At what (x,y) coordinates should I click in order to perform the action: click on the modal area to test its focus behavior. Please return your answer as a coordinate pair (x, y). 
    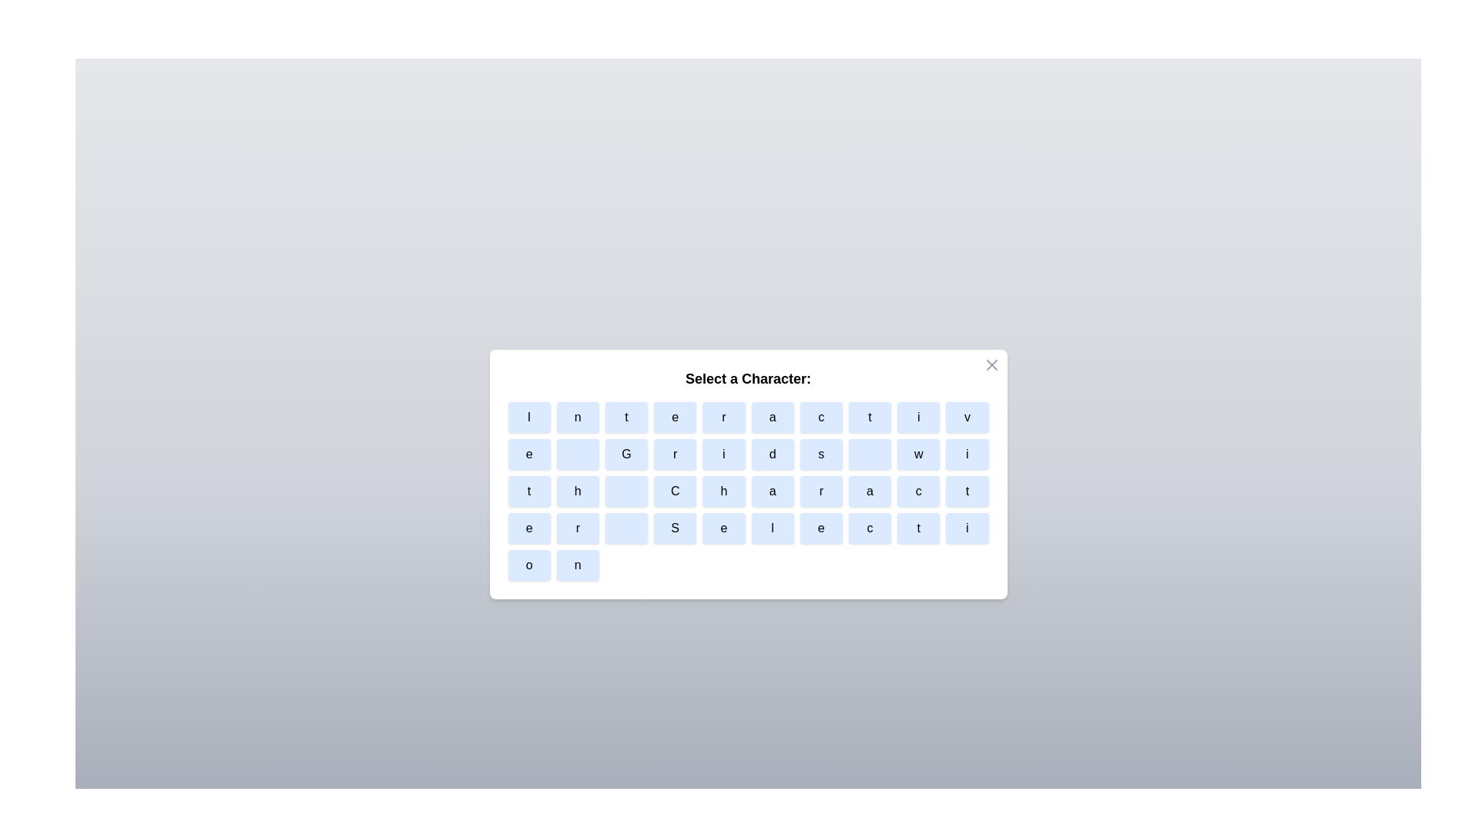
    Looking at the image, I should click on (748, 474).